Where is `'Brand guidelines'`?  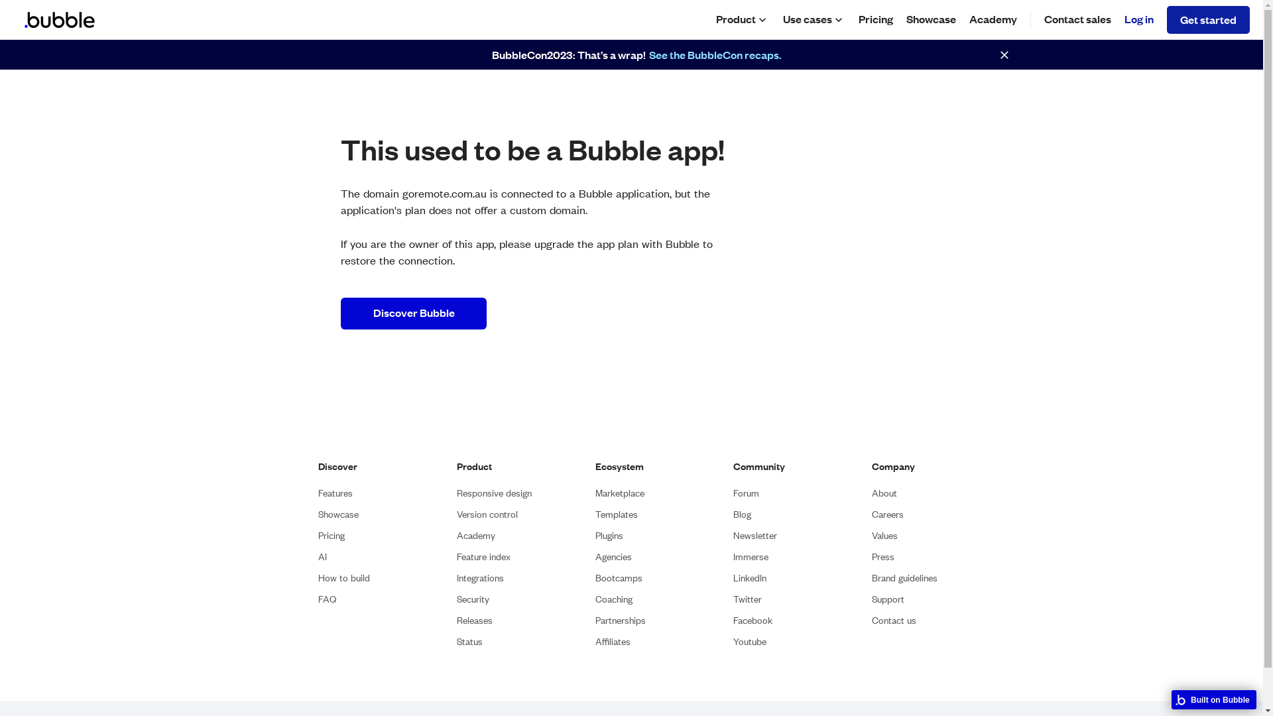
'Brand guidelines' is located at coordinates (904, 577).